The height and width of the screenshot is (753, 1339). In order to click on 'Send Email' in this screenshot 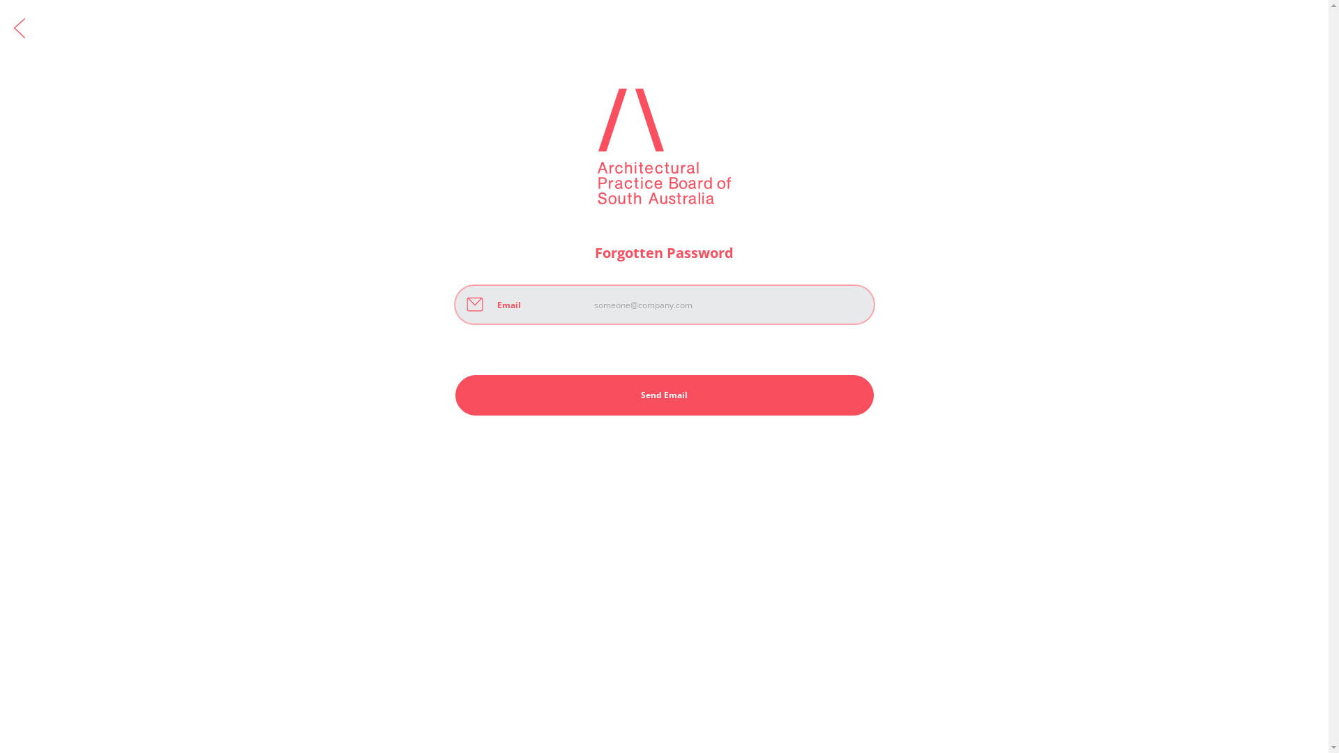, I will do `click(663, 395)`.